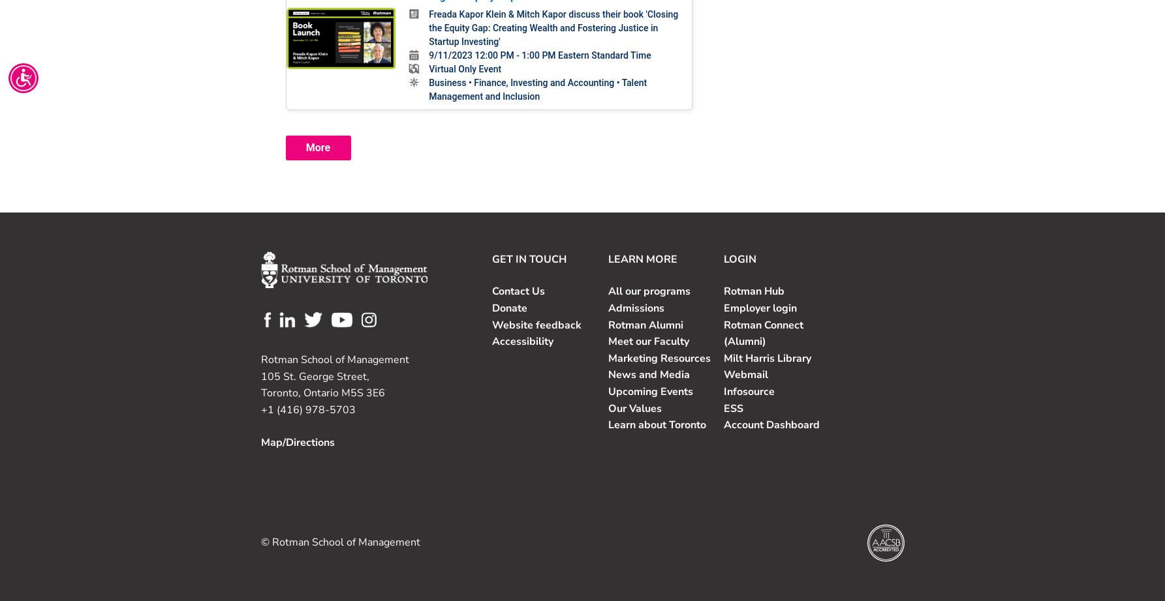 Image resolution: width=1165 pixels, height=601 pixels. I want to click on 'GET IN TOUCH', so click(491, 258).